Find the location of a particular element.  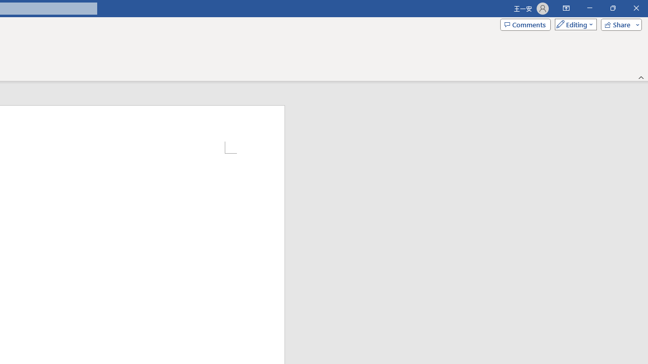

'Collapse the Ribbon' is located at coordinates (641, 77).